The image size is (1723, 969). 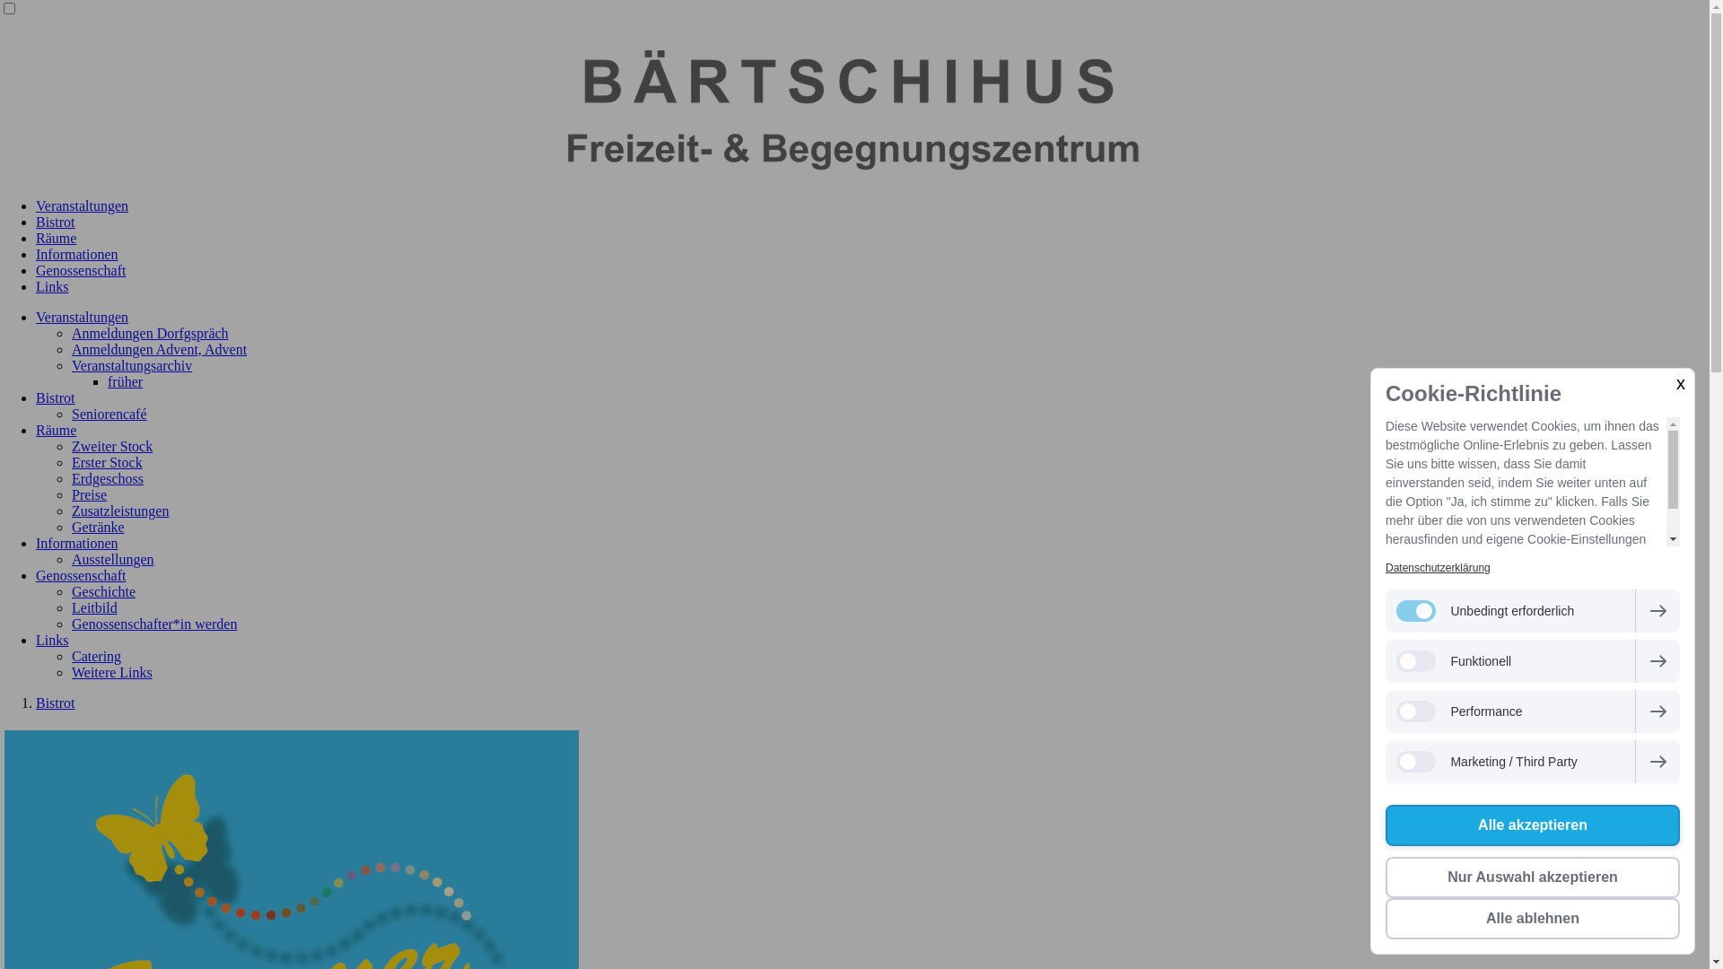 I want to click on 'Veranstaltungsarchiv', so click(x=131, y=364).